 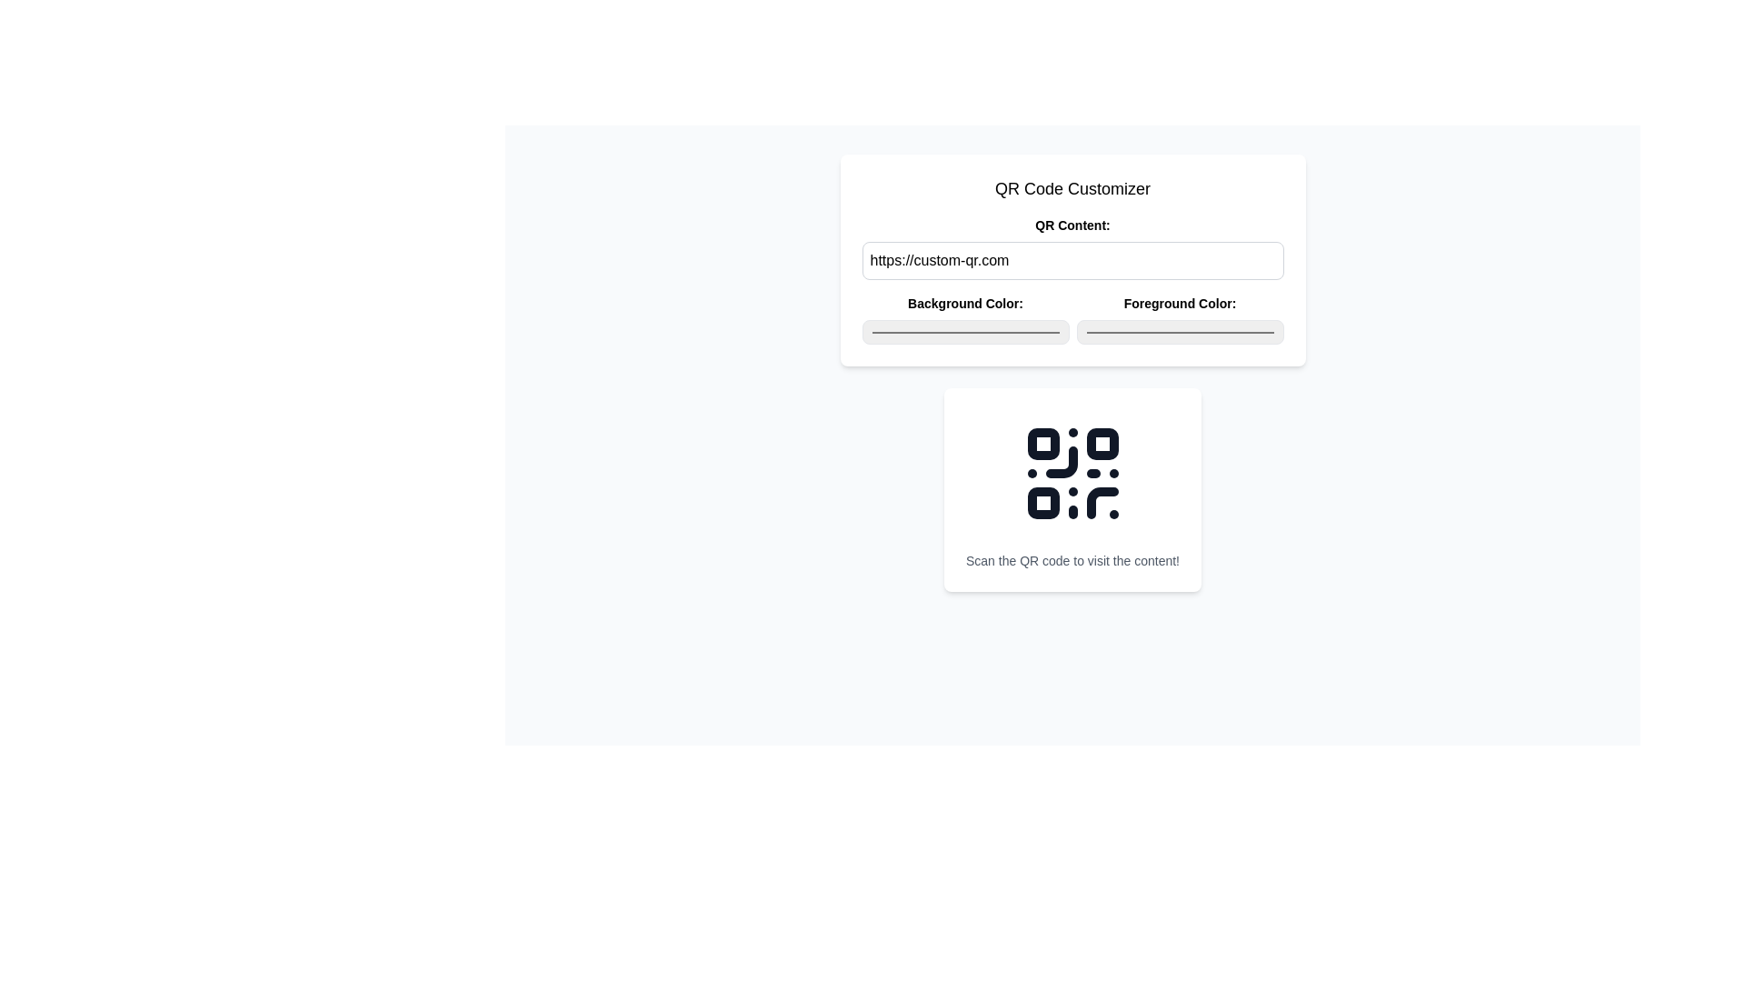 What do you see at coordinates (1180, 303) in the screenshot?
I see `the 'Foreground Color:' label, which is a small, bold text label displayed in black, located in the upper section of the interface, to the right of the 'Background Color:' label` at bounding box center [1180, 303].